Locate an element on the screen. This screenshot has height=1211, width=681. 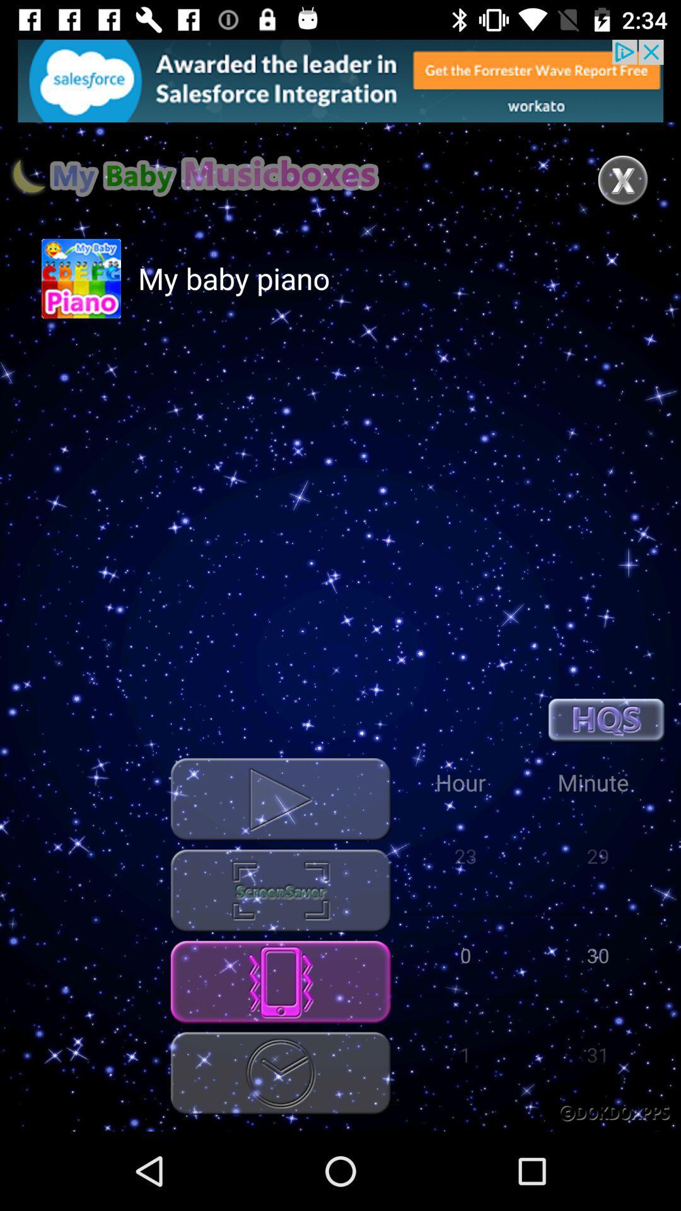
the page is located at coordinates (622, 180).